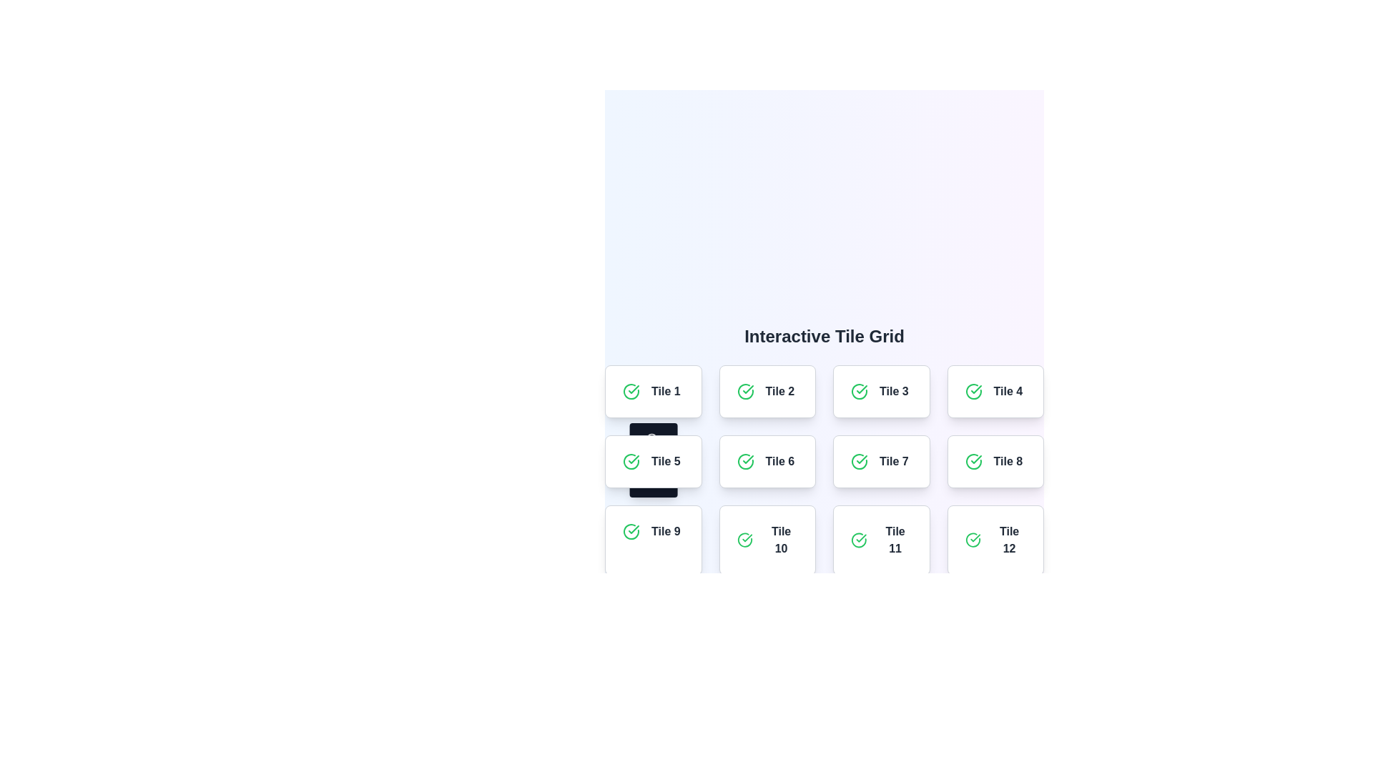  What do you see at coordinates (631, 391) in the screenshot?
I see `the confirmation status icon located to the left of the text label 'Tile 1' in the interactive tile grid` at bounding box center [631, 391].